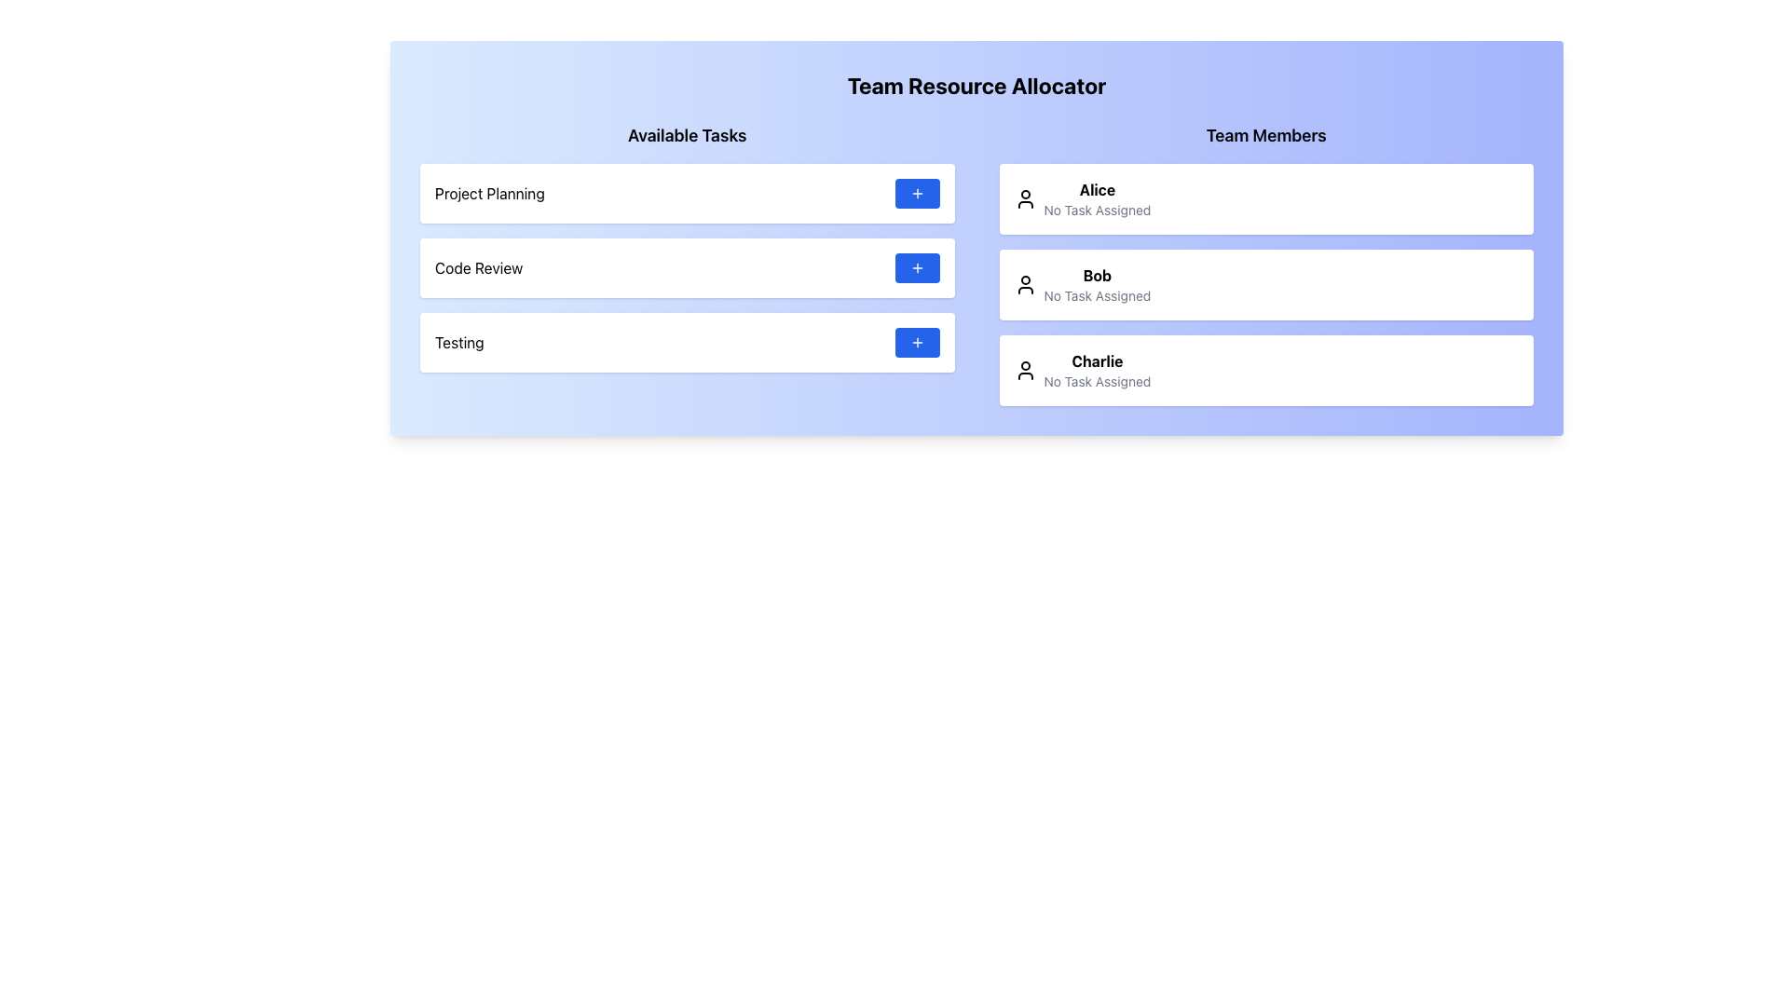 The width and height of the screenshot is (1789, 1006). I want to click on the name in the User Card located in the 'Team Members' section, so click(1082, 370).